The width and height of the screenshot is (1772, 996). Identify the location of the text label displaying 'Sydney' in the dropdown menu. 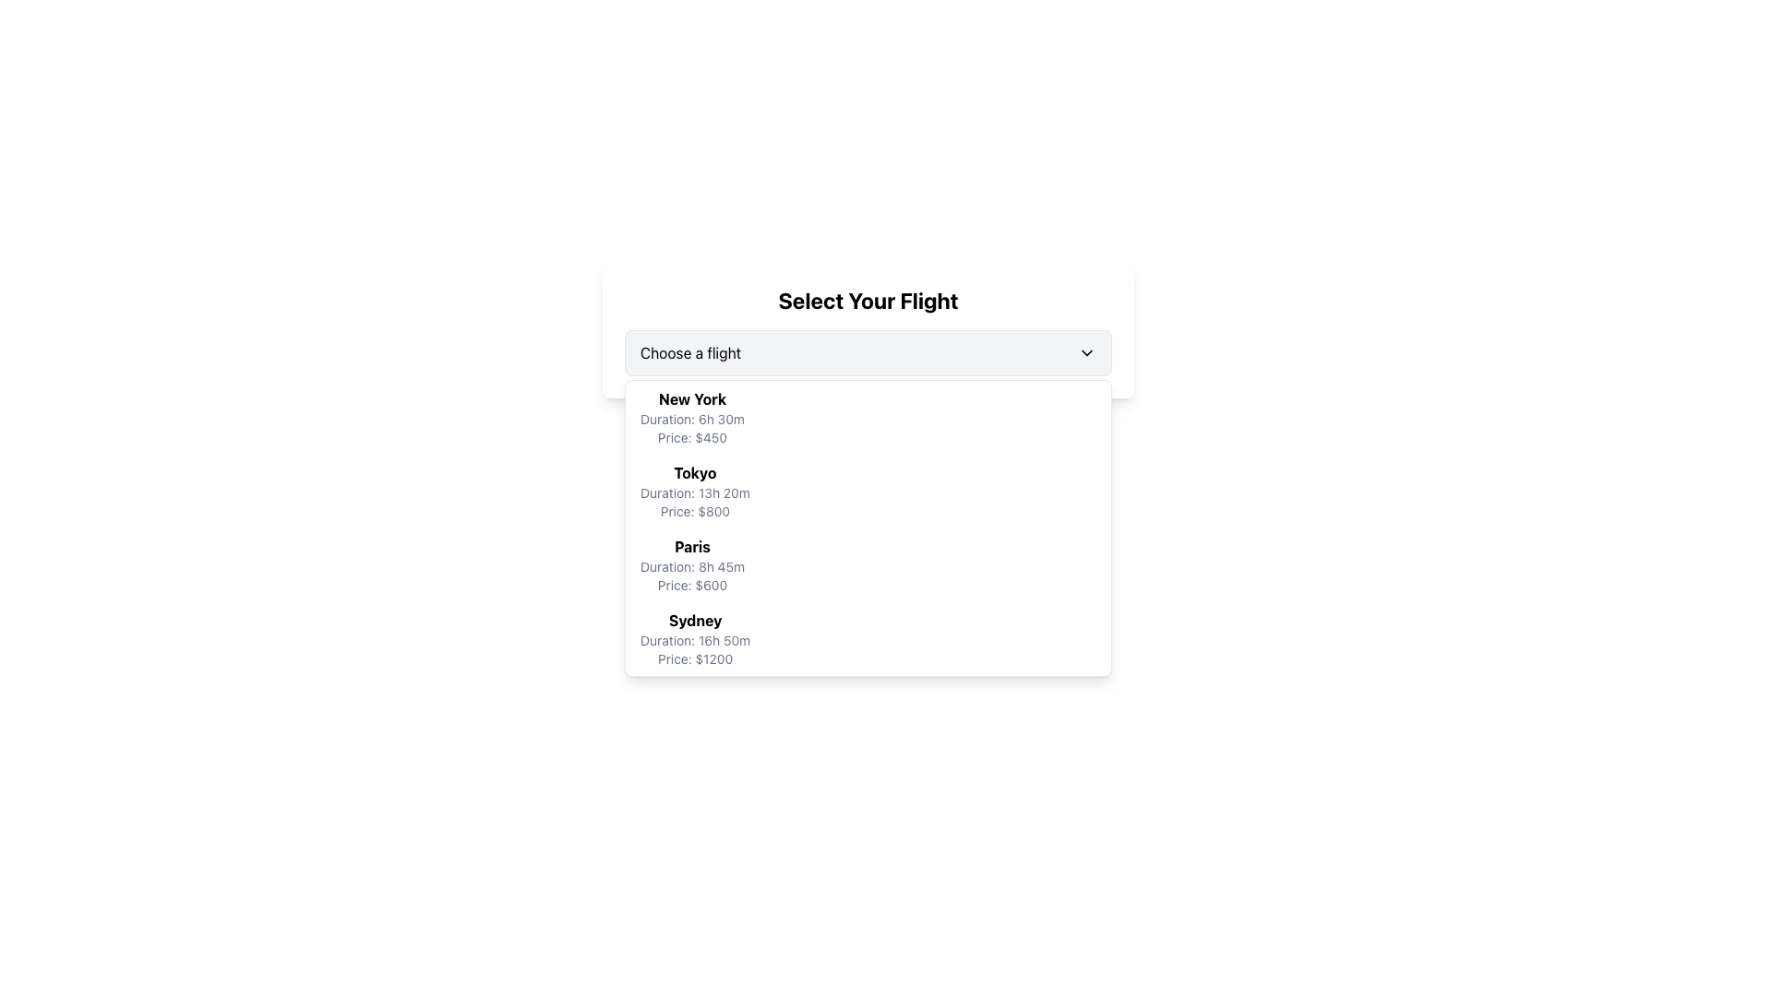
(694, 620).